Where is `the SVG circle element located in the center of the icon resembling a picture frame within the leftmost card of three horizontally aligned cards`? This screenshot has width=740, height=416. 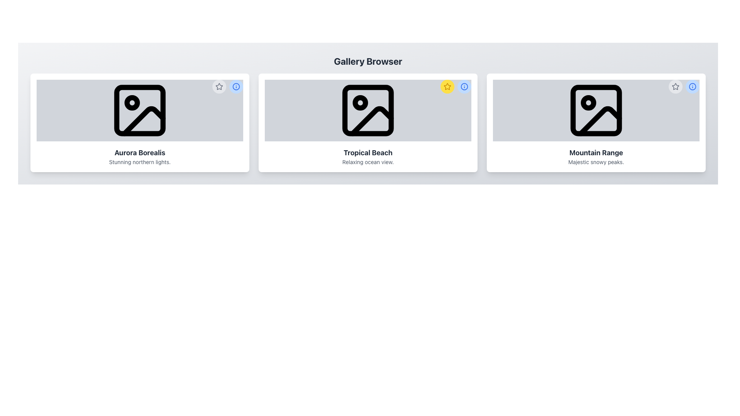
the SVG circle element located in the center of the icon resembling a picture frame within the leftmost card of three horizontally aligned cards is located at coordinates (132, 102).